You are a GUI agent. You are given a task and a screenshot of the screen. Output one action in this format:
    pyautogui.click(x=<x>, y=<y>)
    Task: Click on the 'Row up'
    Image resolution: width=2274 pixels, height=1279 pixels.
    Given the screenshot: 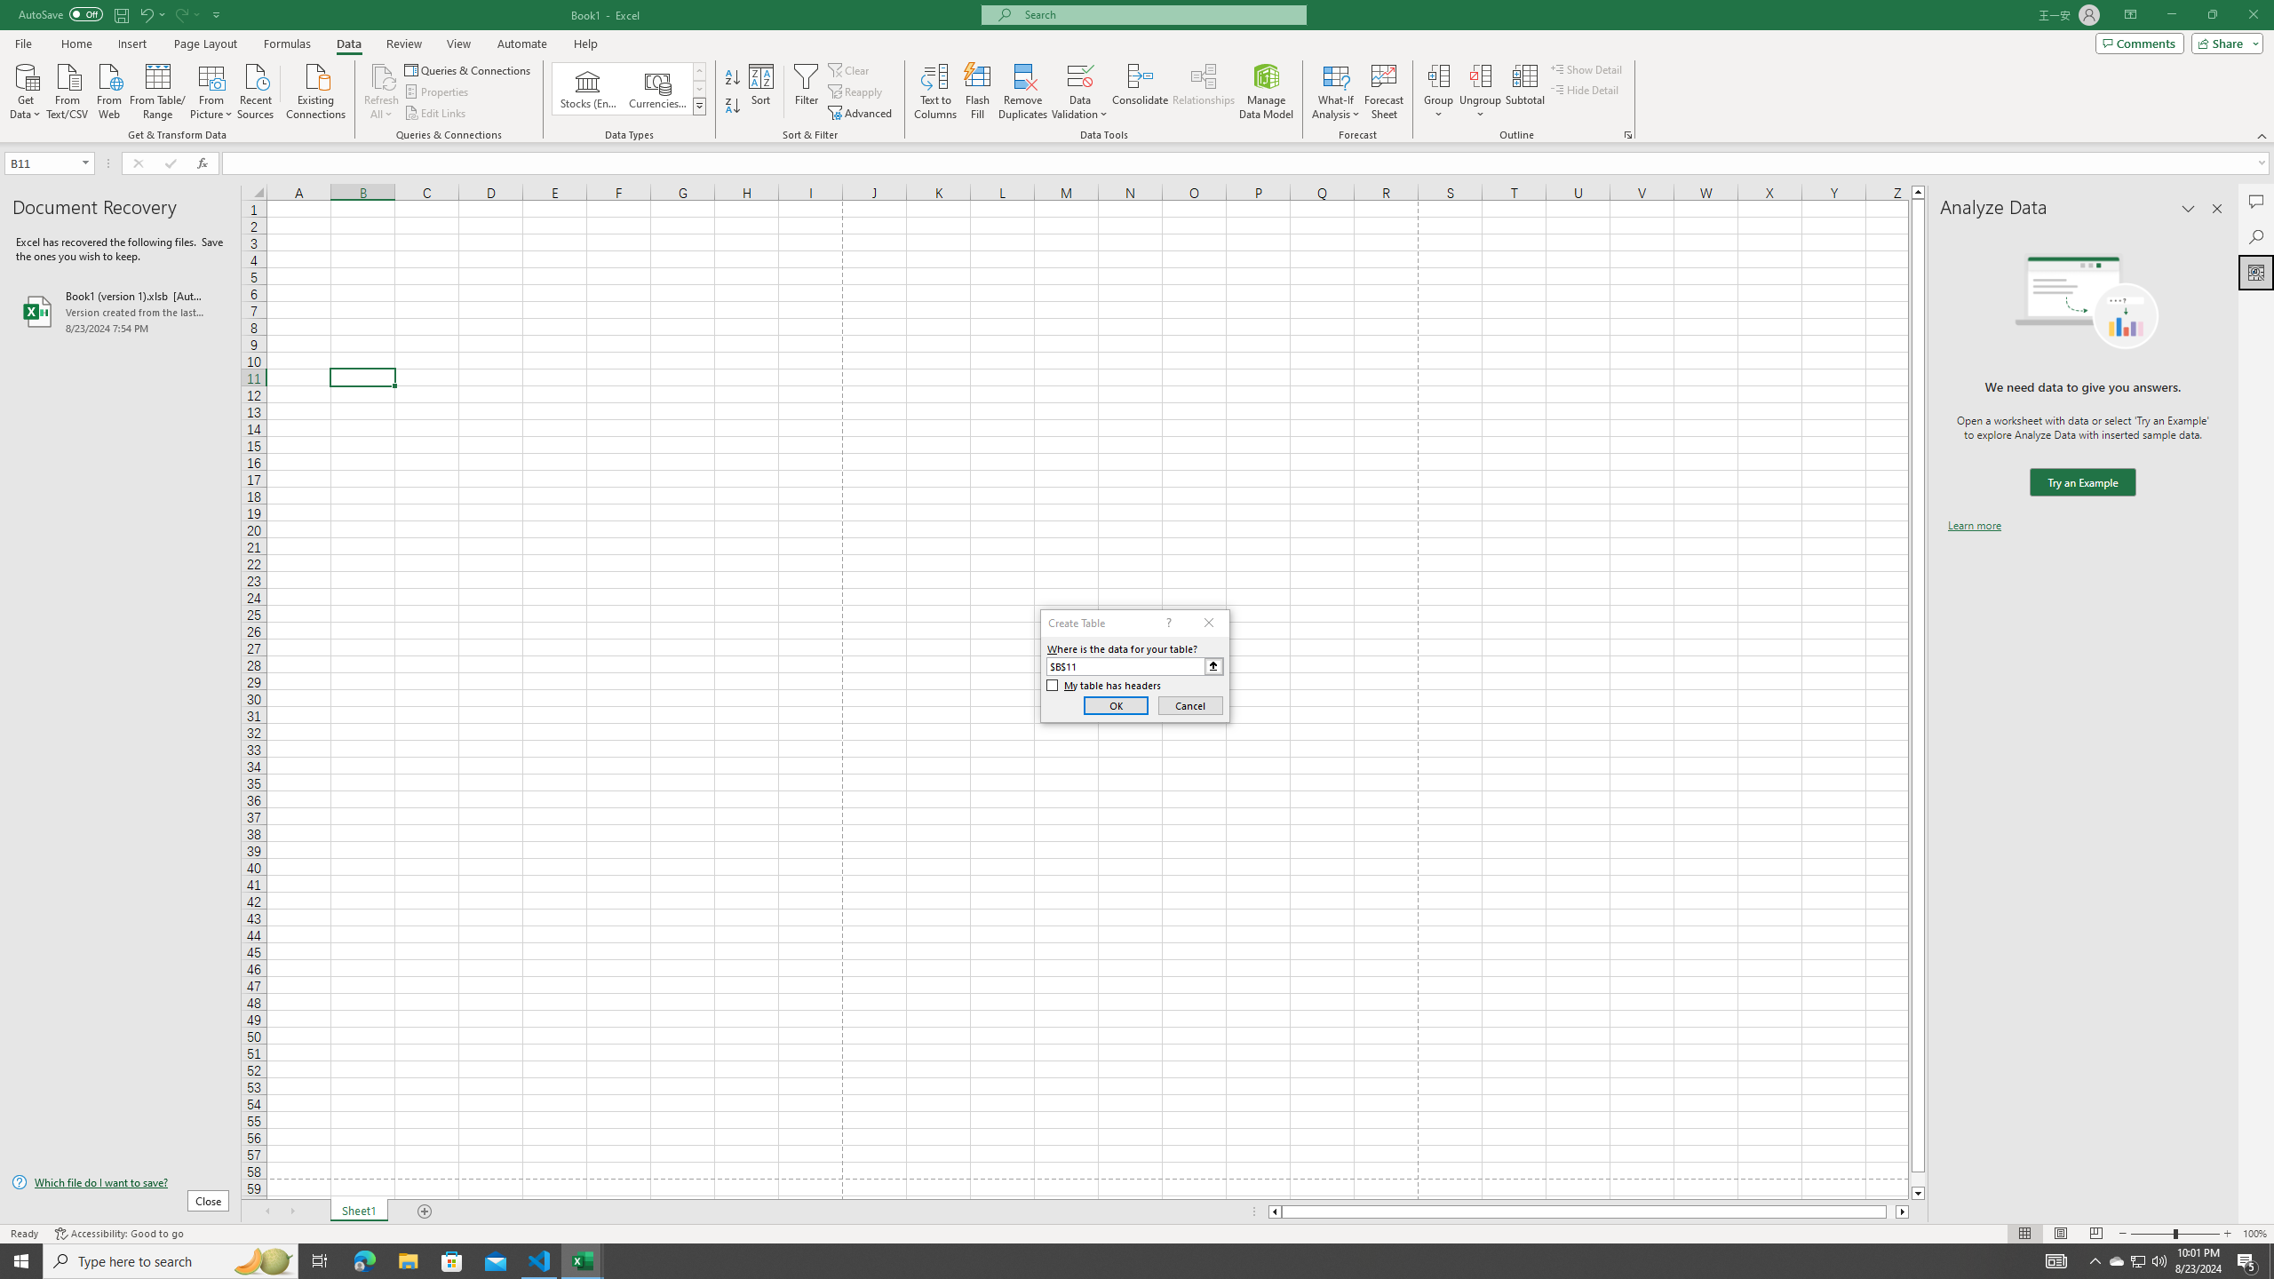 What is the action you would take?
    pyautogui.click(x=699, y=71)
    